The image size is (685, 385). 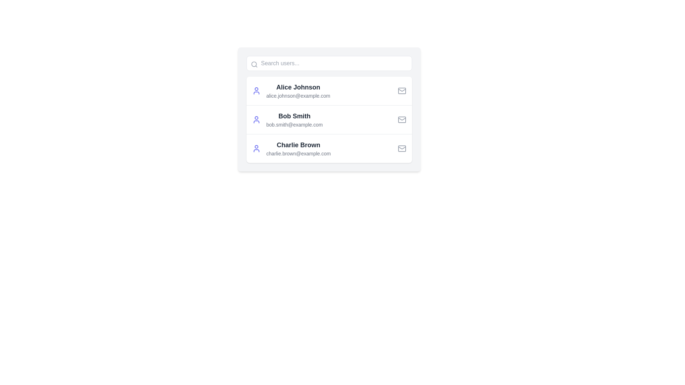 What do you see at coordinates (402, 148) in the screenshot?
I see `the envelope icon component located at the far right of the row containing the email address 'charlie.brown@example.com'` at bounding box center [402, 148].